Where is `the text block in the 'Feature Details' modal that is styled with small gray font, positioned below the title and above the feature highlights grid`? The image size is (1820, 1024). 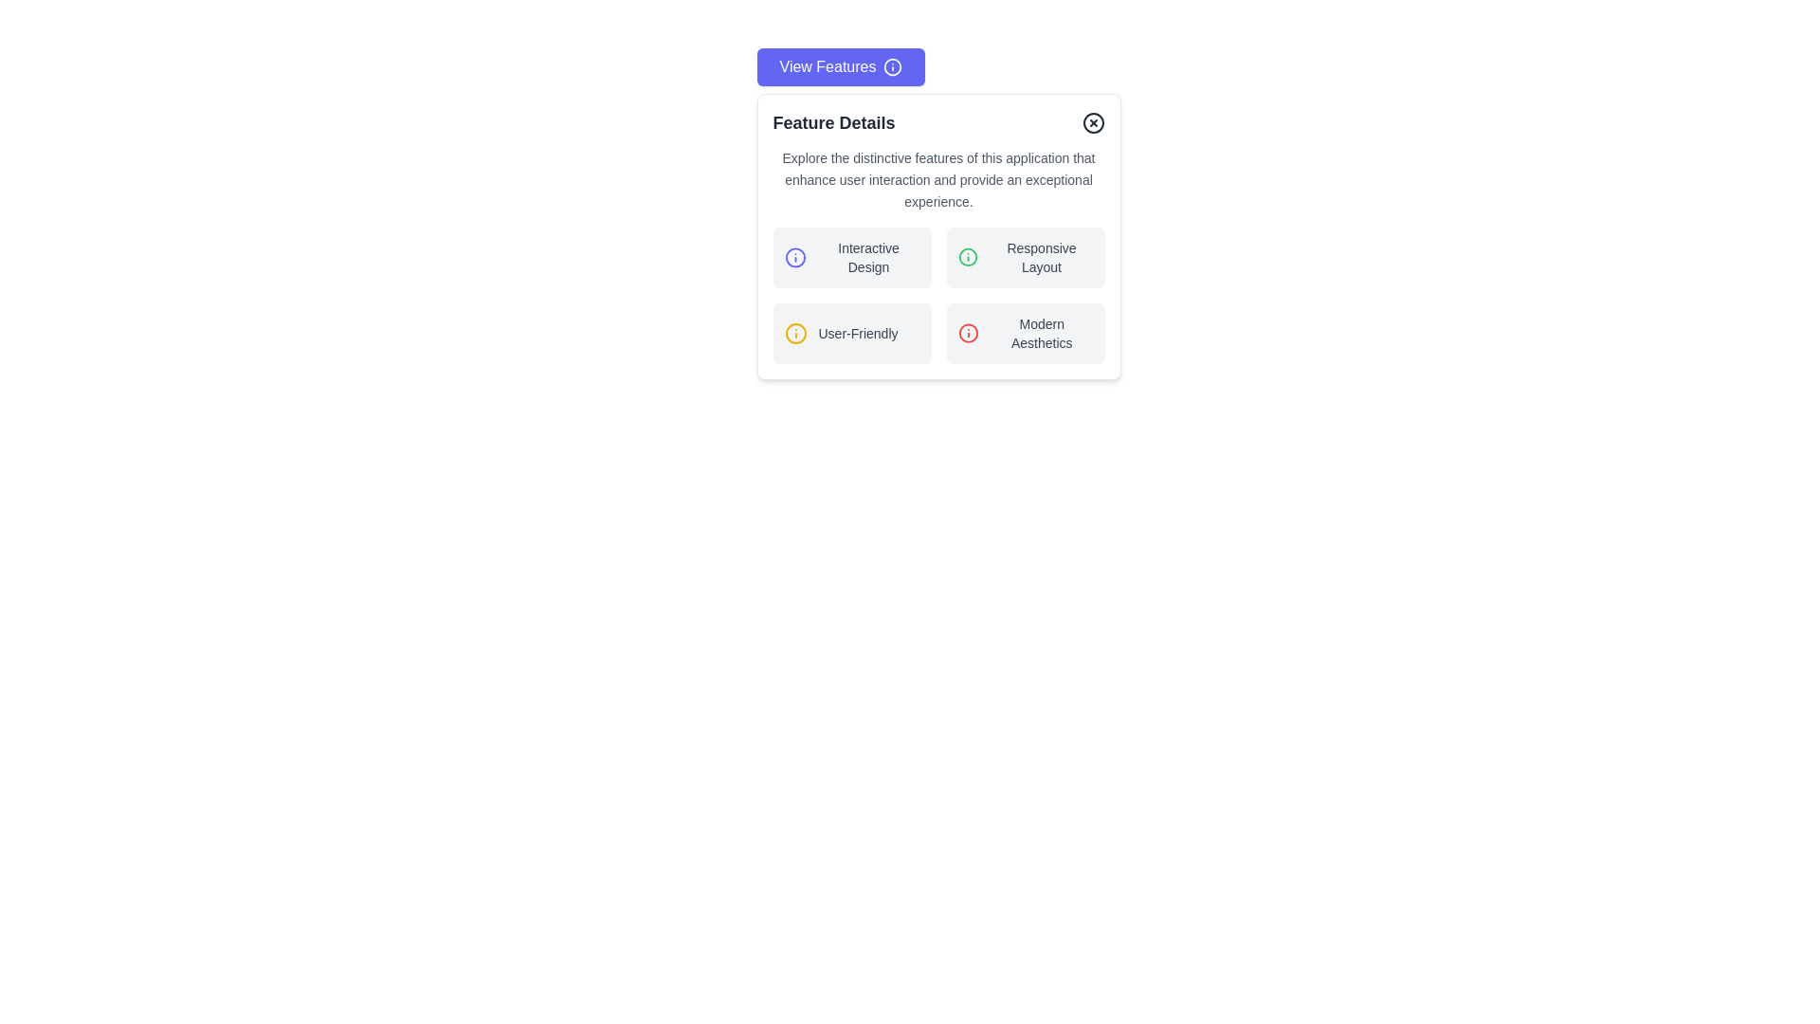
the text block in the 'Feature Details' modal that is styled with small gray font, positioned below the title and above the feature highlights grid is located at coordinates (938, 180).